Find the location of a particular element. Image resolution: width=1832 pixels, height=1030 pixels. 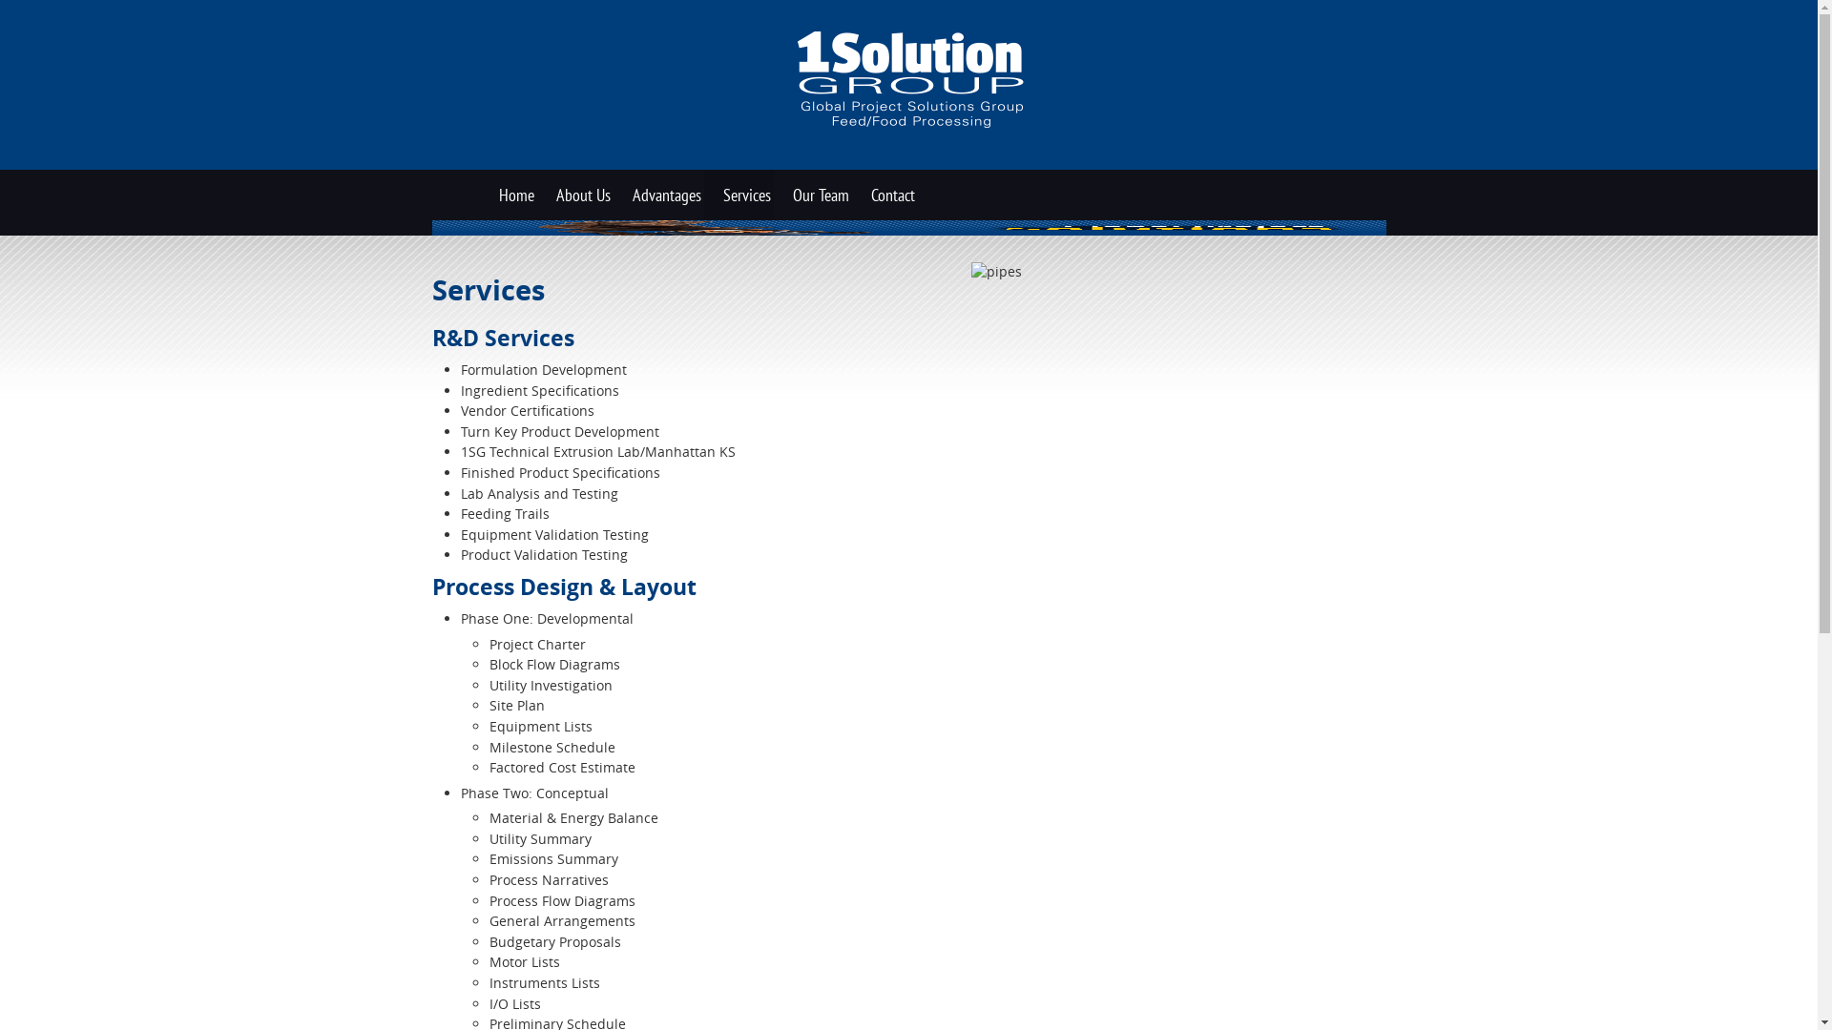

'Our Team' is located at coordinates (773, 195).